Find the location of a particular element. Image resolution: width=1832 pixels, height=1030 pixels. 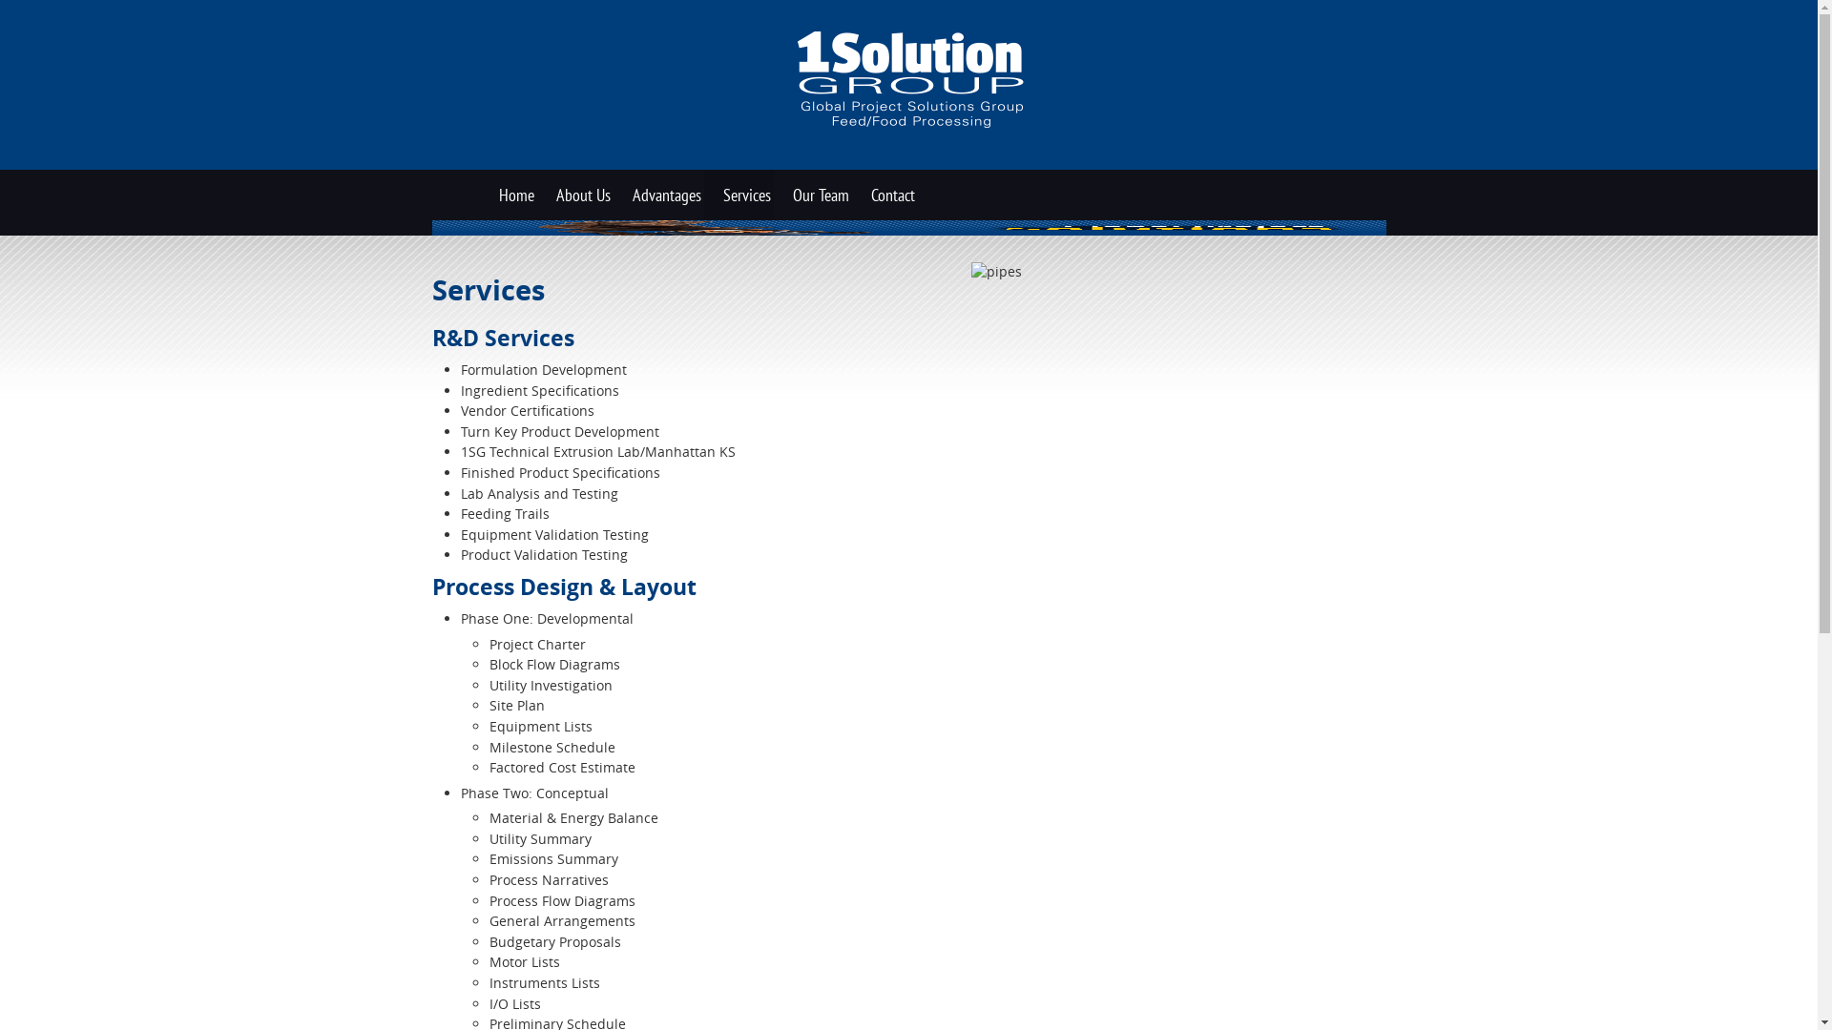

'Our Team' is located at coordinates (773, 195).